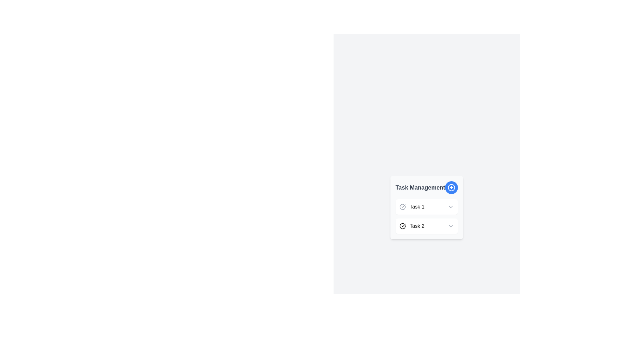  Describe the element at coordinates (402, 226) in the screenshot. I see `the status icon located to the left of 'Task 2' in the task management interface to interact with it` at that location.